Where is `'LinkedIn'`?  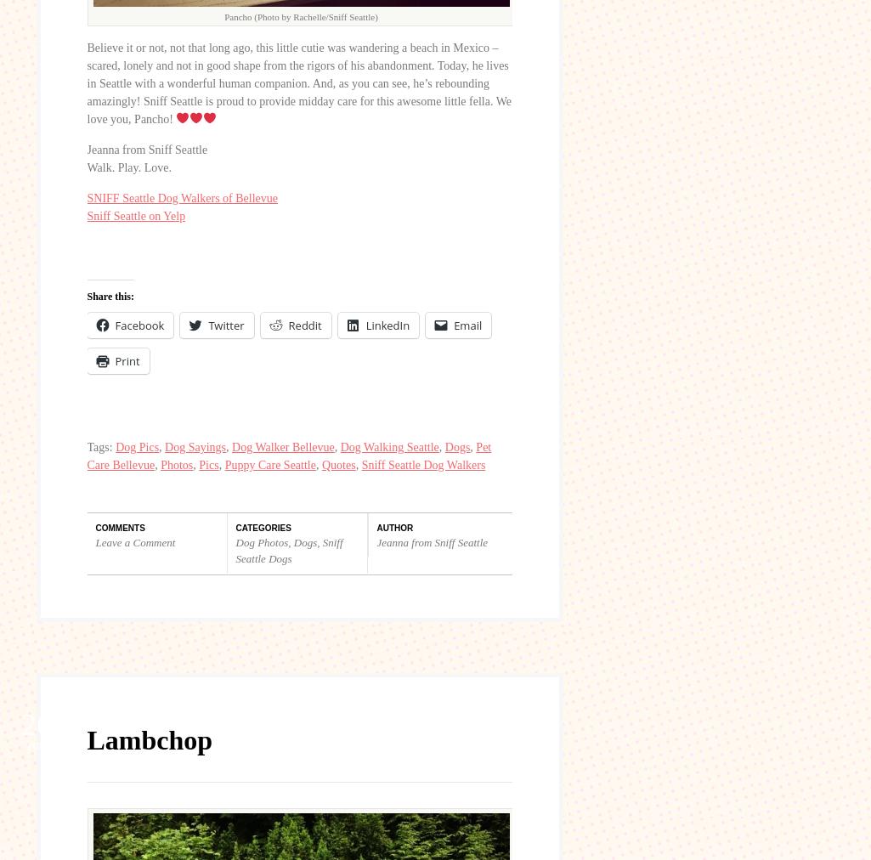
'LinkedIn' is located at coordinates (364, 325).